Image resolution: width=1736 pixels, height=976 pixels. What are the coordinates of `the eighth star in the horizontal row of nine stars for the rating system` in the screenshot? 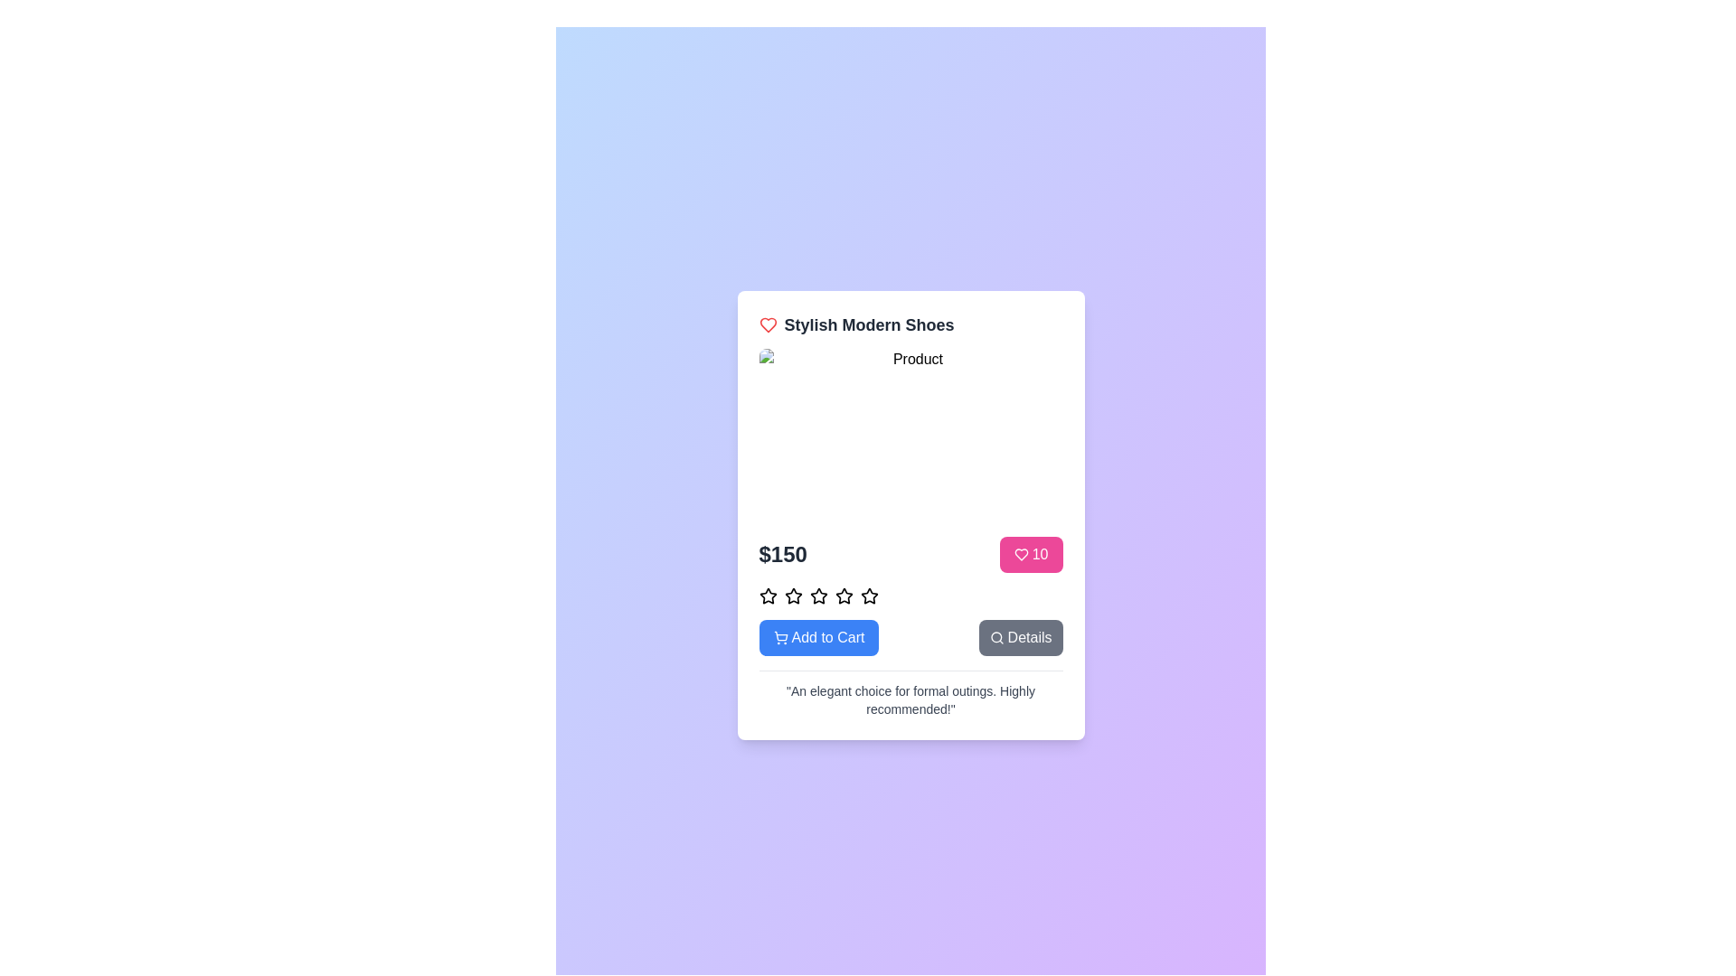 It's located at (869, 596).